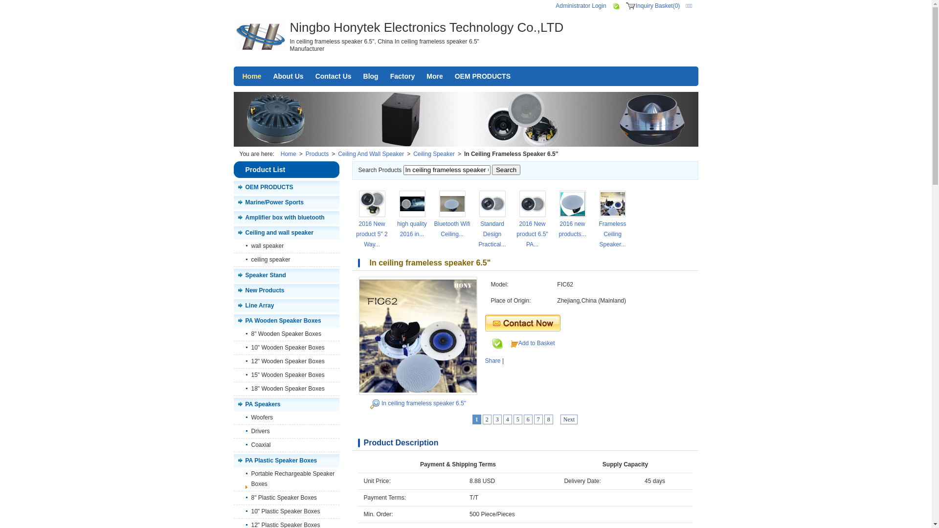 The height and width of the screenshot is (528, 939). What do you see at coordinates (233, 461) in the screenshot?
I see `'PA Plastic Speaker Boxes'` at bounding box center [233, 461].